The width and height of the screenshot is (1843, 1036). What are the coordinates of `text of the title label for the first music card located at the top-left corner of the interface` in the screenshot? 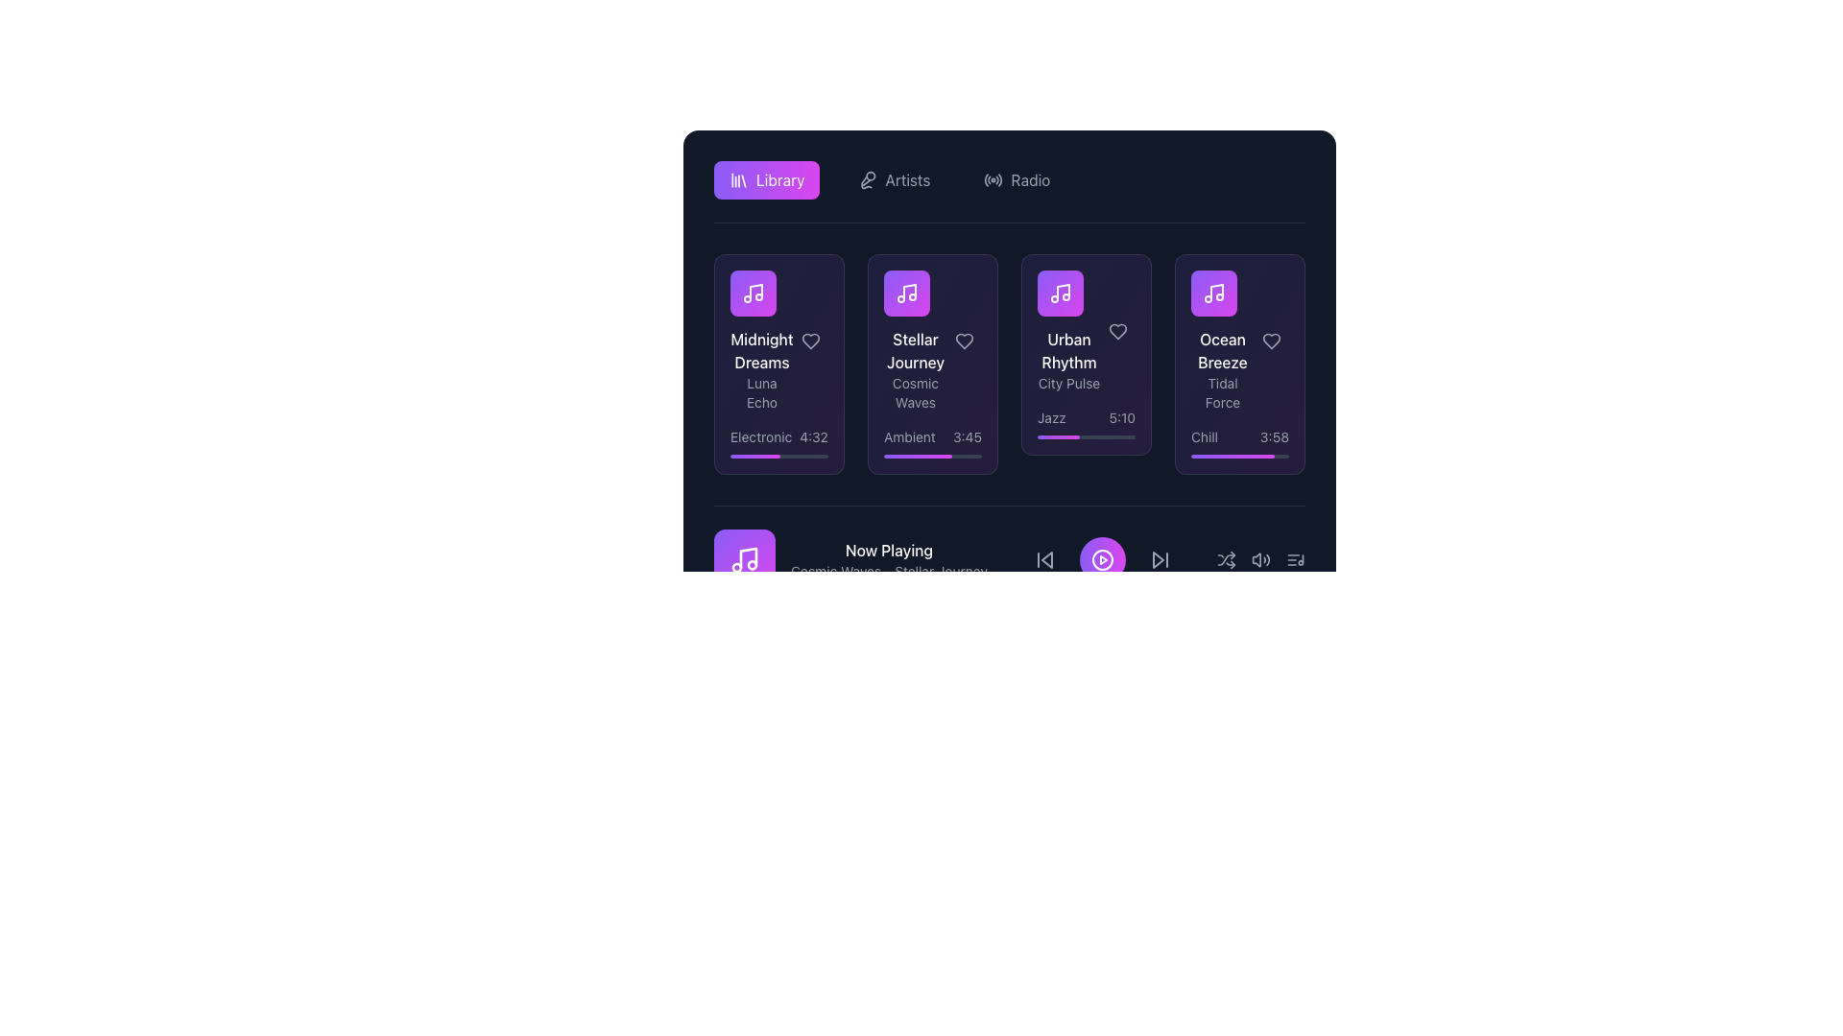 It's located at (760, 351).